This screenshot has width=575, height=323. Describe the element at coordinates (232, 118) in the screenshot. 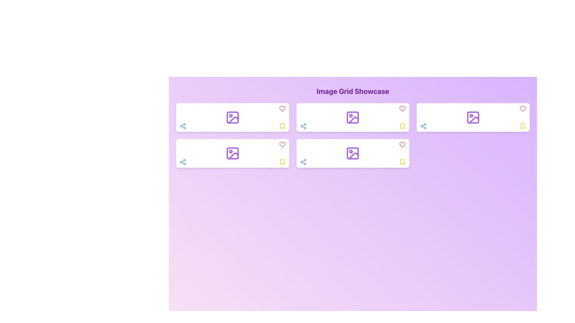

I see `the central image icon located in the first row of image cards, which serves as a visual representation of an image feature or category` at that location.